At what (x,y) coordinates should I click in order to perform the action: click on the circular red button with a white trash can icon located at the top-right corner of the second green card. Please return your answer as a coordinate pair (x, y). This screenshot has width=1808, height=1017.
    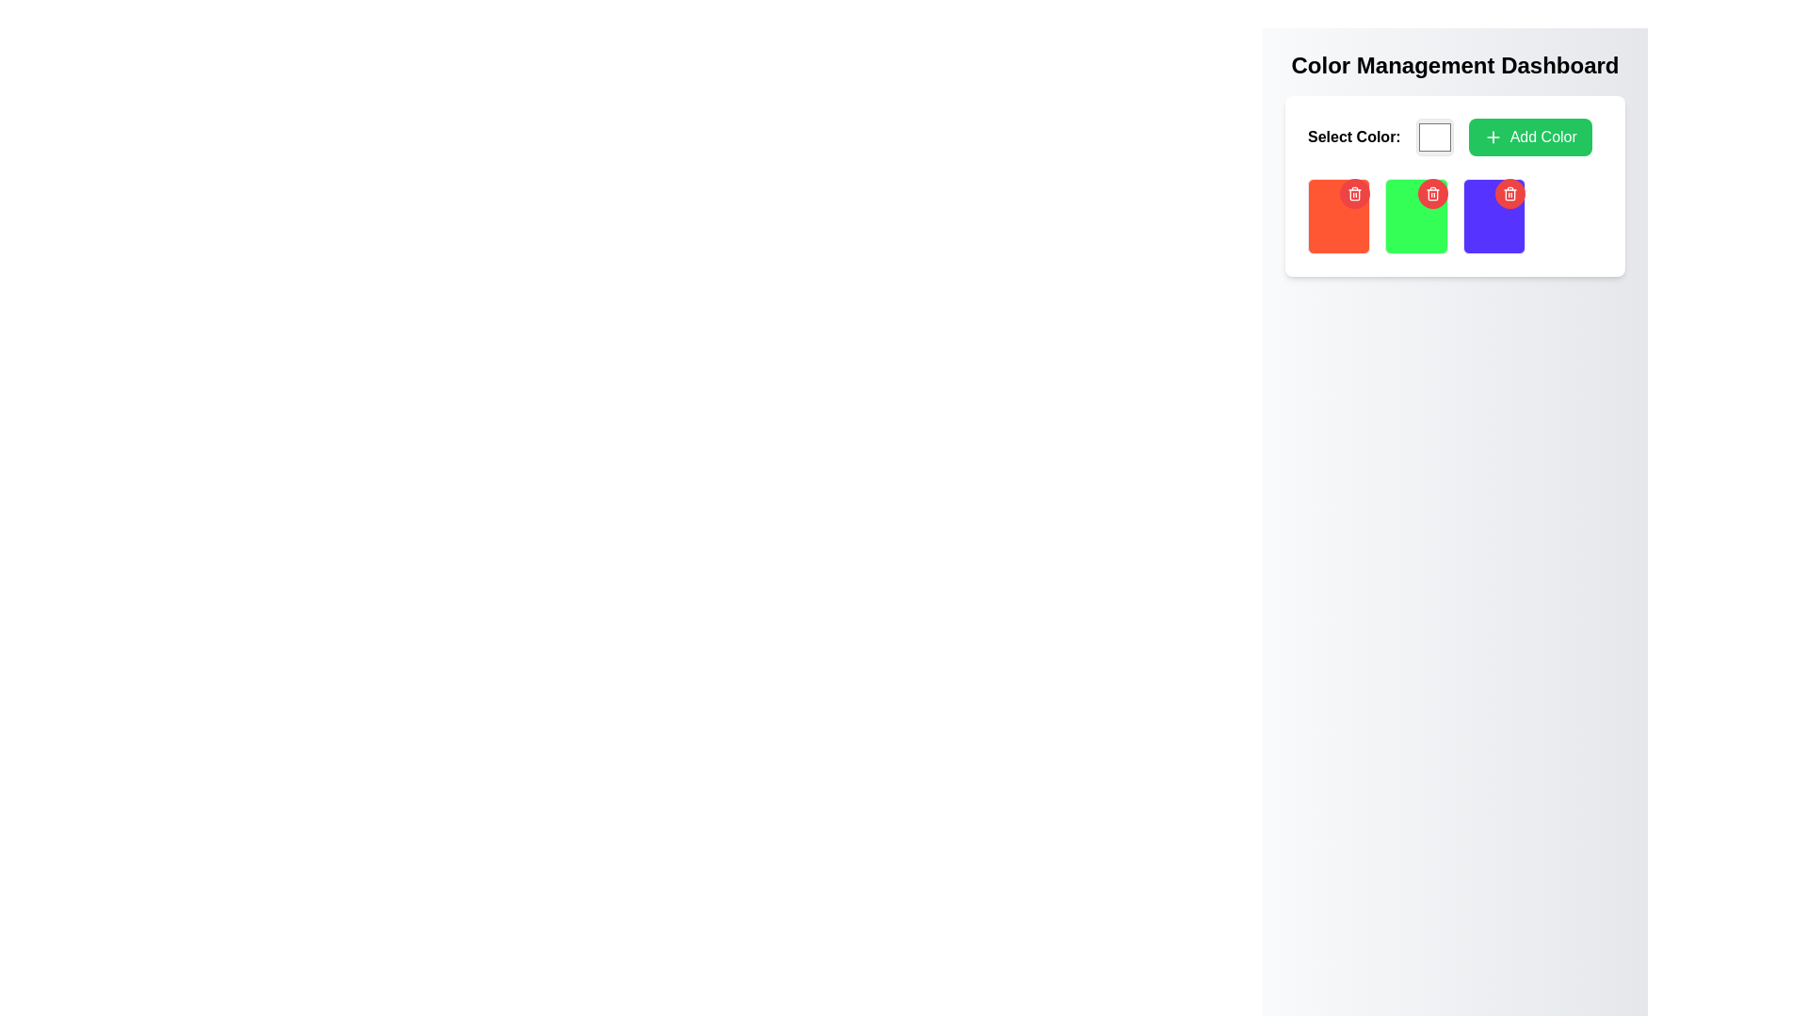
    Looking at the image, I should click on (1431, 193).